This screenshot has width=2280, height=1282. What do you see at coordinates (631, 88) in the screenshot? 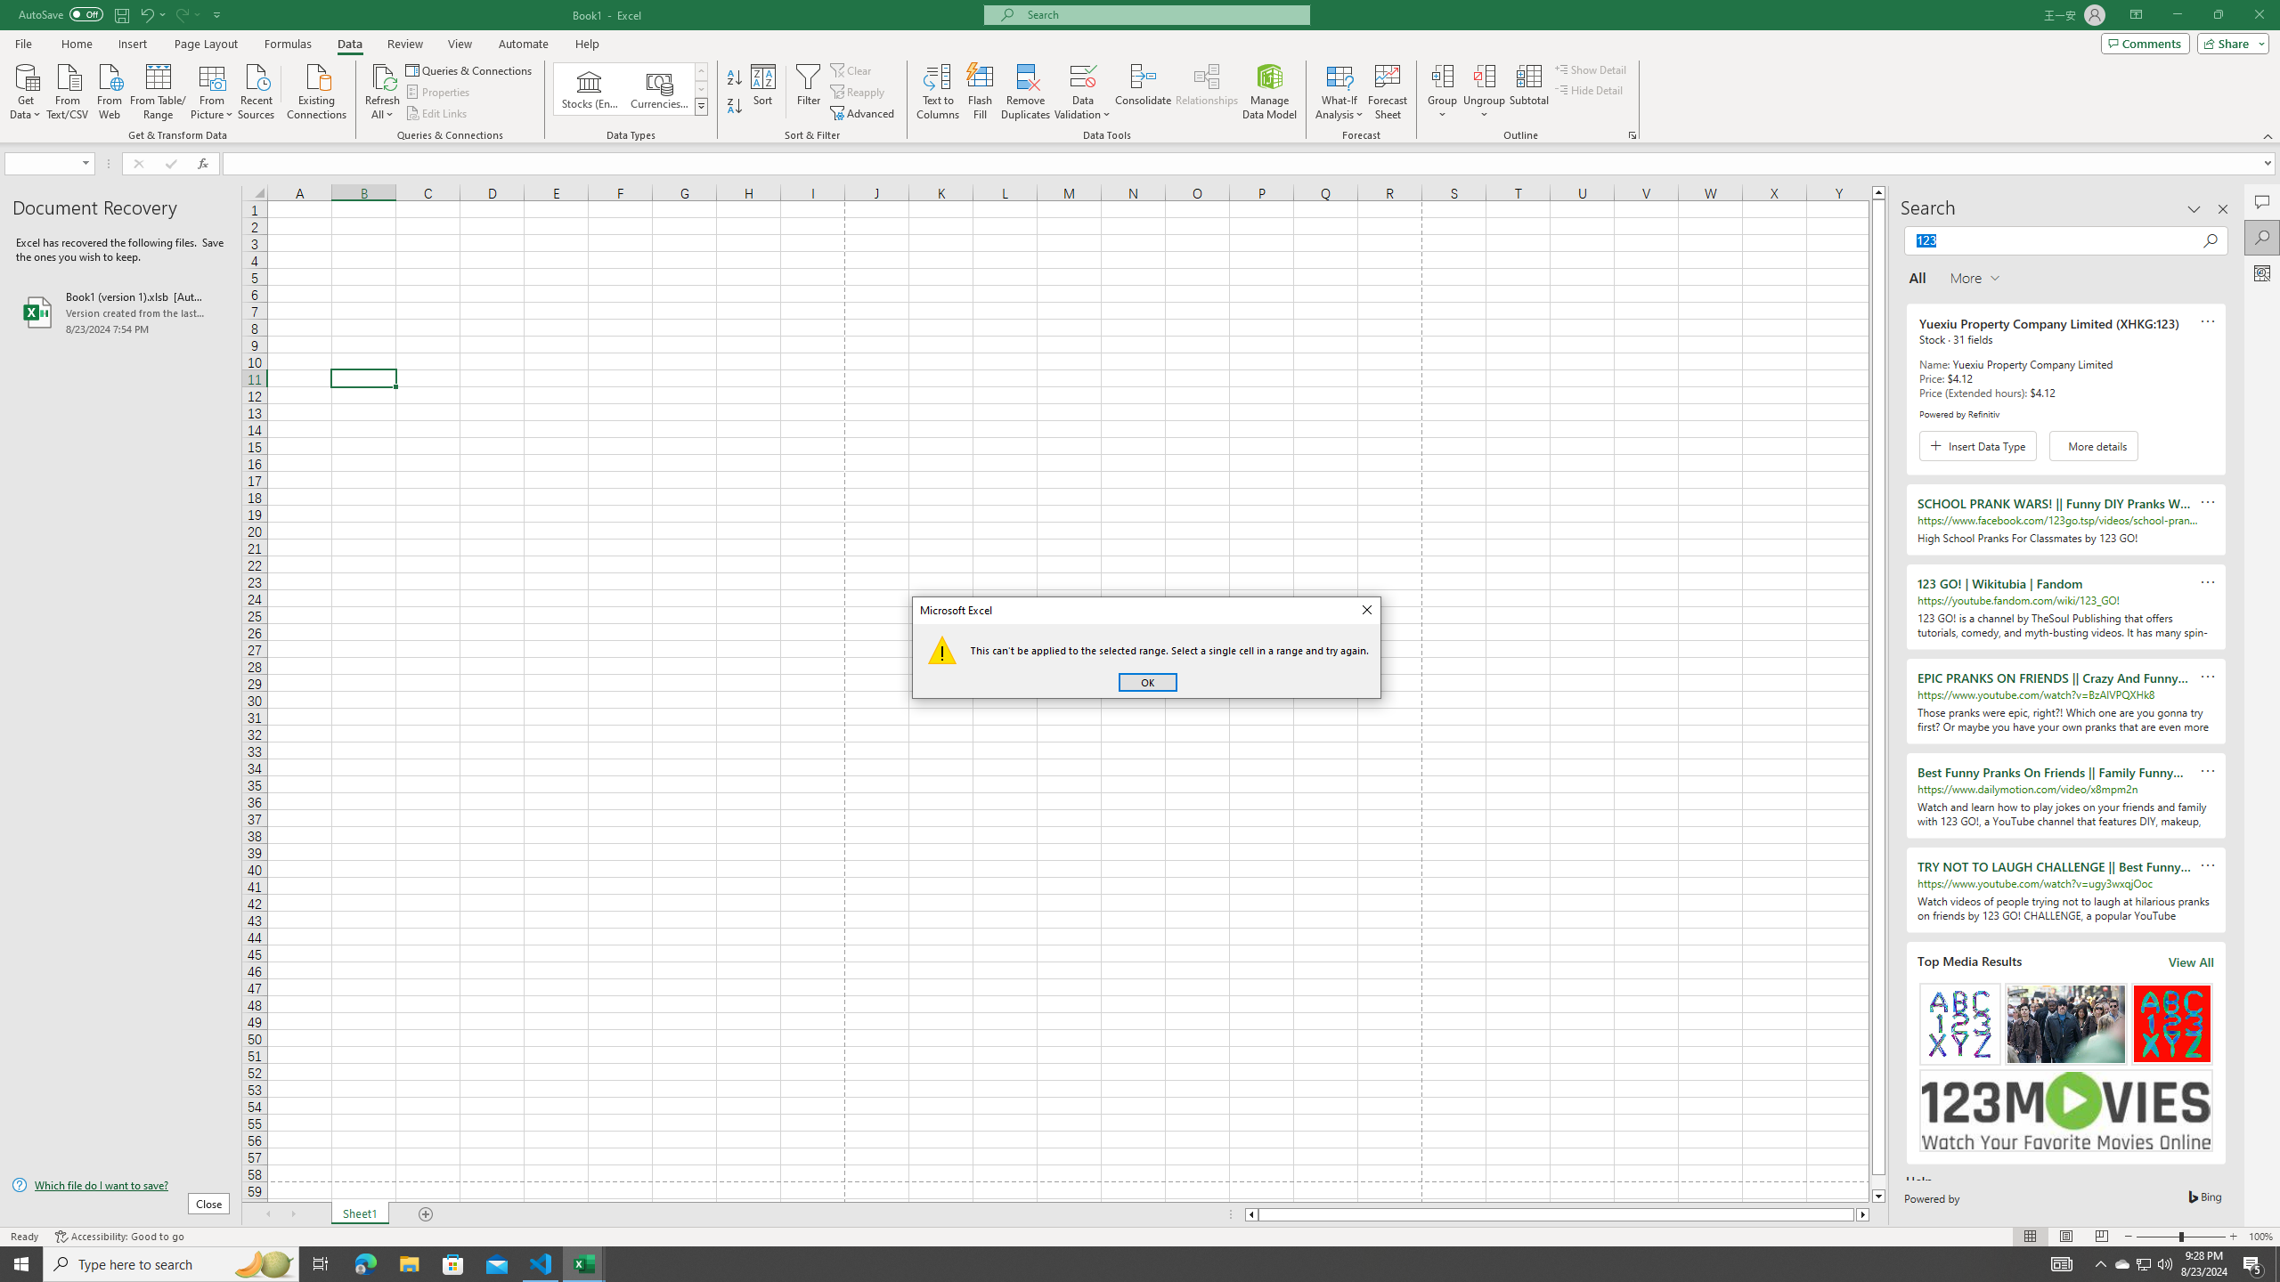
I see `'AutomationID: ConvertToLinkedEntity'` at bounding box center [631, 88].